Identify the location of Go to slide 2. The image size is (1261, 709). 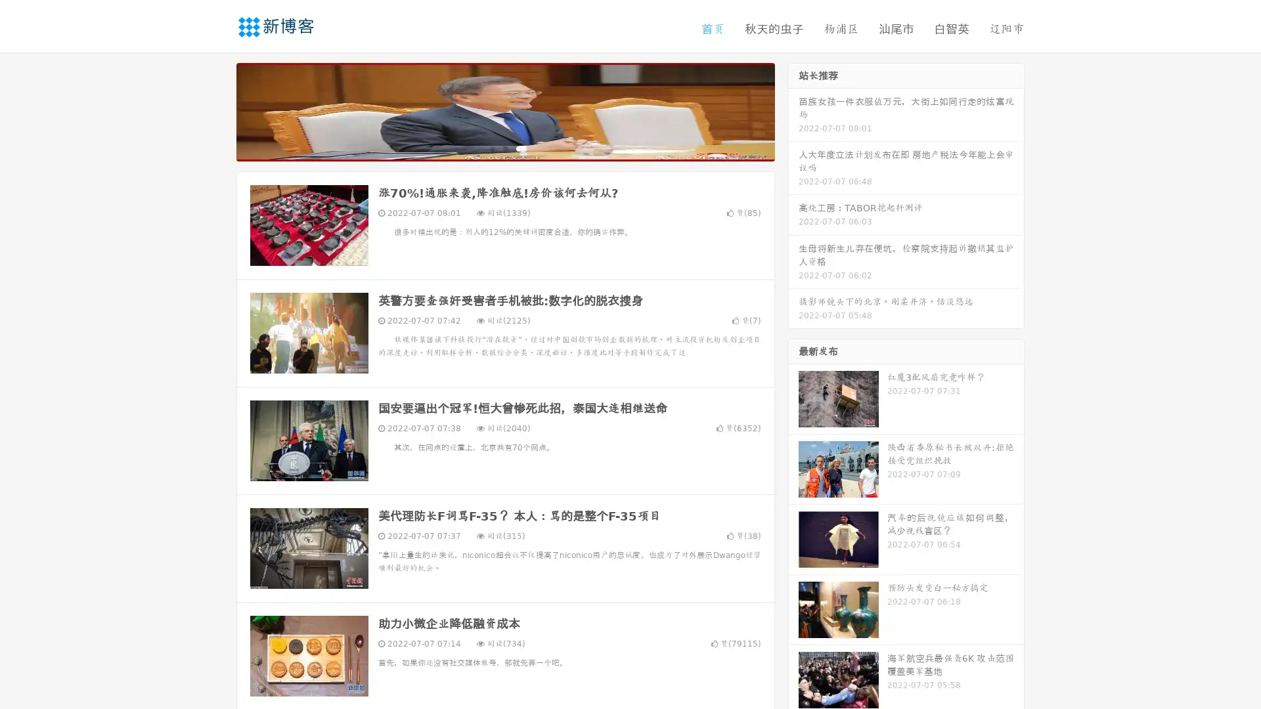
(504, 148).